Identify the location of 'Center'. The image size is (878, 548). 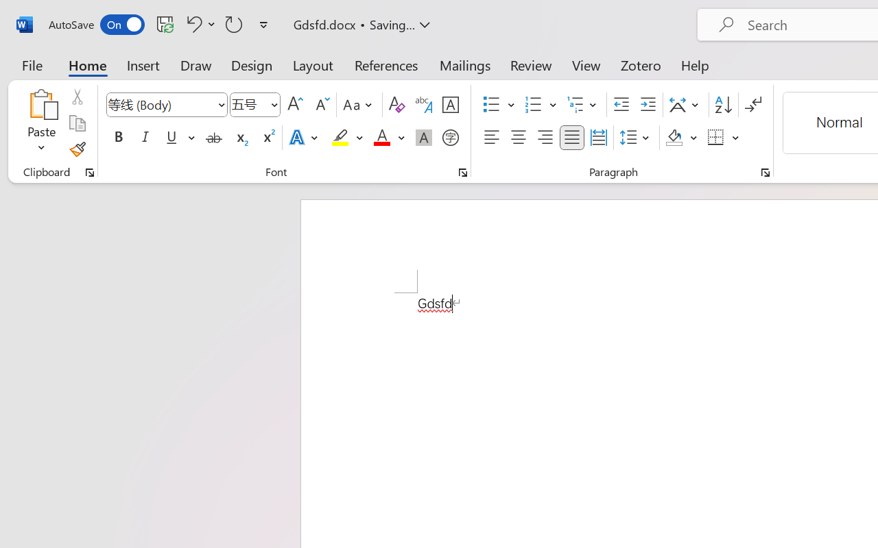
(518, 138).